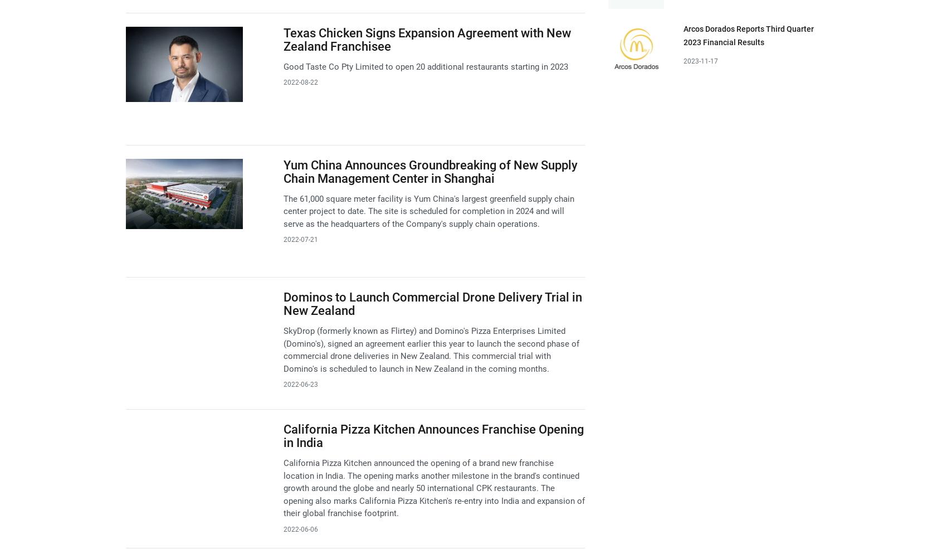  Describe the element at coordinates (683, 61) in the screenshot. I see `'2023-11-17'` at that location.